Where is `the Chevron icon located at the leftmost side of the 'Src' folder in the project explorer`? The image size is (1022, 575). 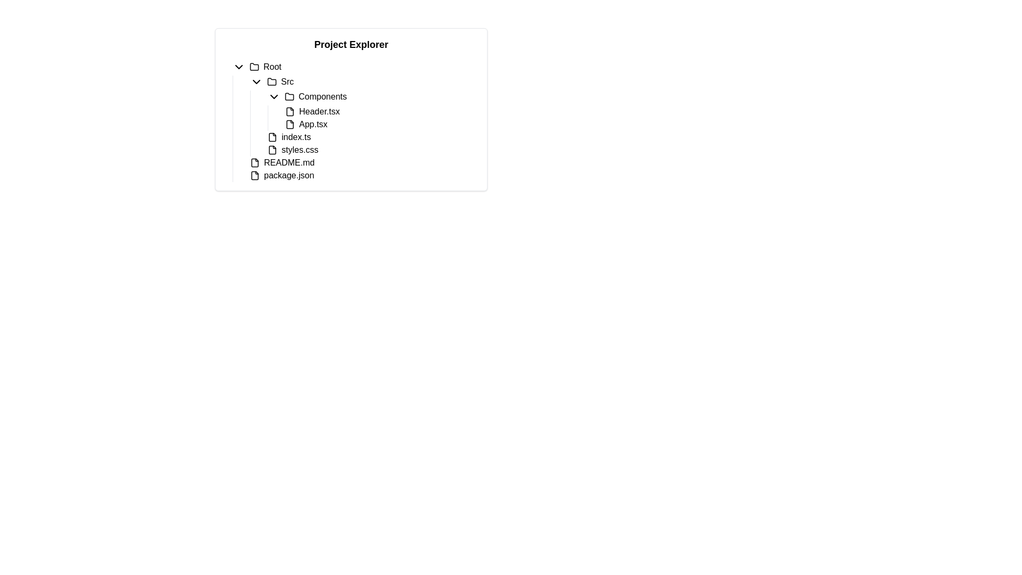 the Chevron icon located at the leftmost side of the 'Src' folder in the project explorer is located at coordinates (256, 81).